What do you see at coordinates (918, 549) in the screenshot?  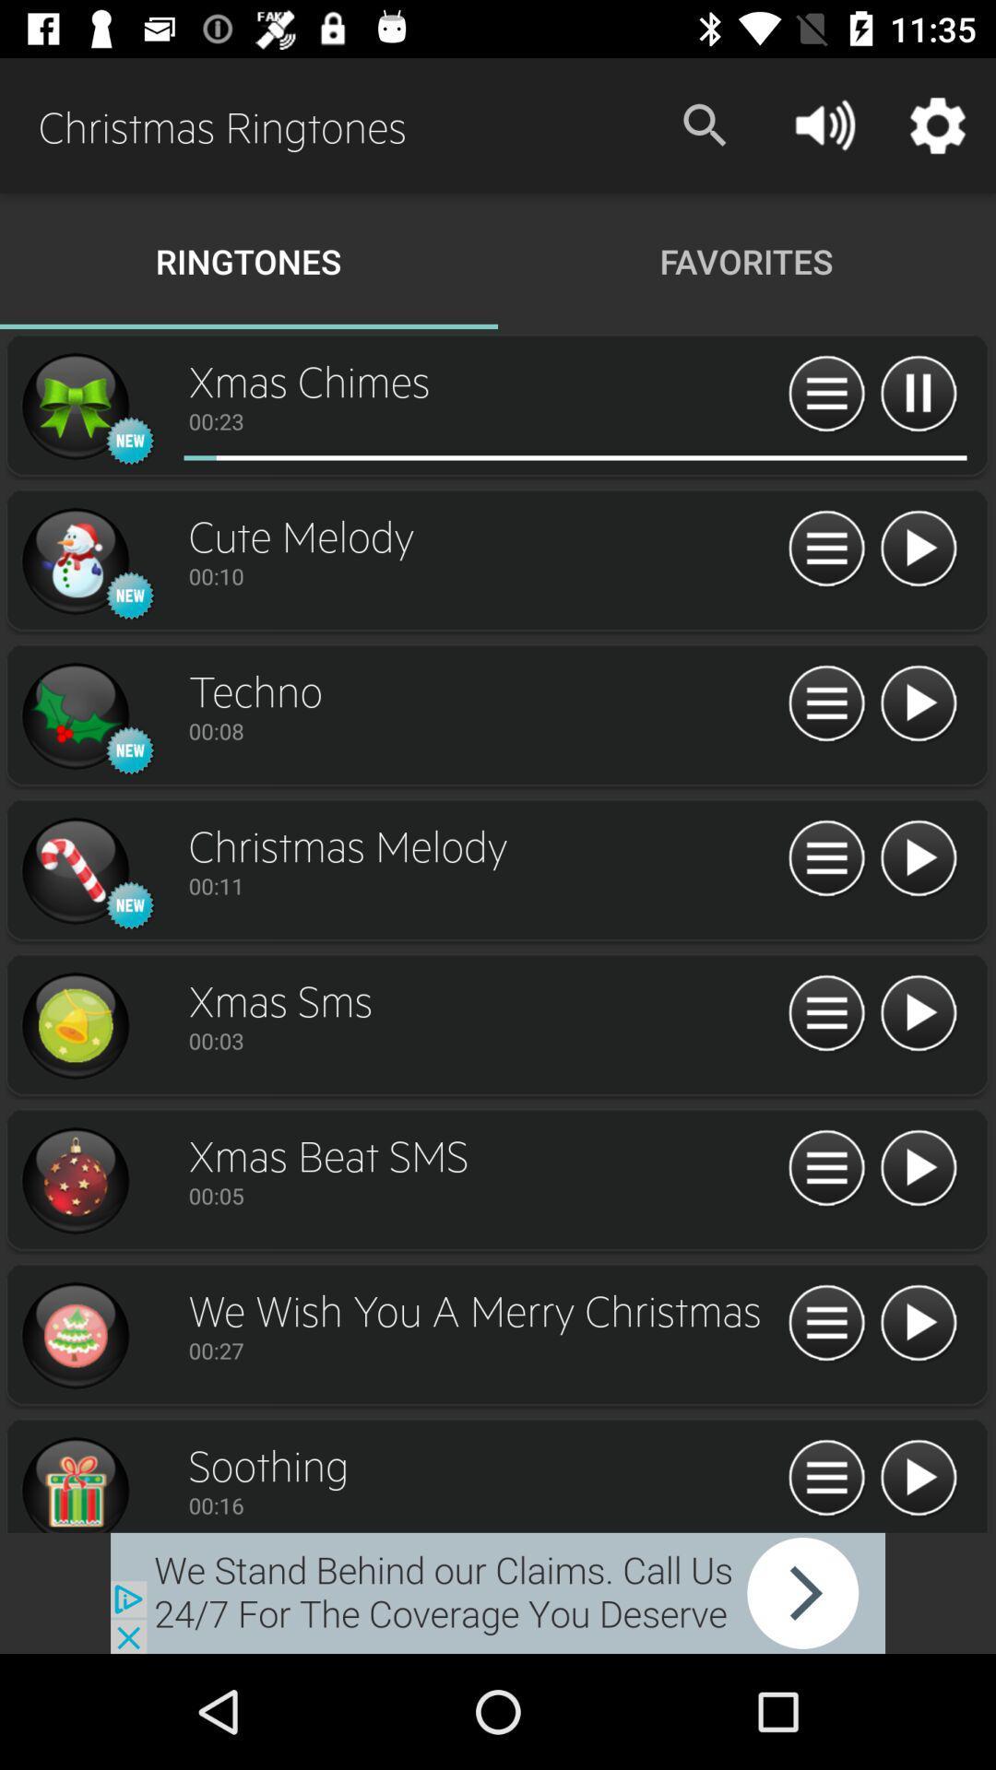 I see `play` at bounding box center [918, 549].